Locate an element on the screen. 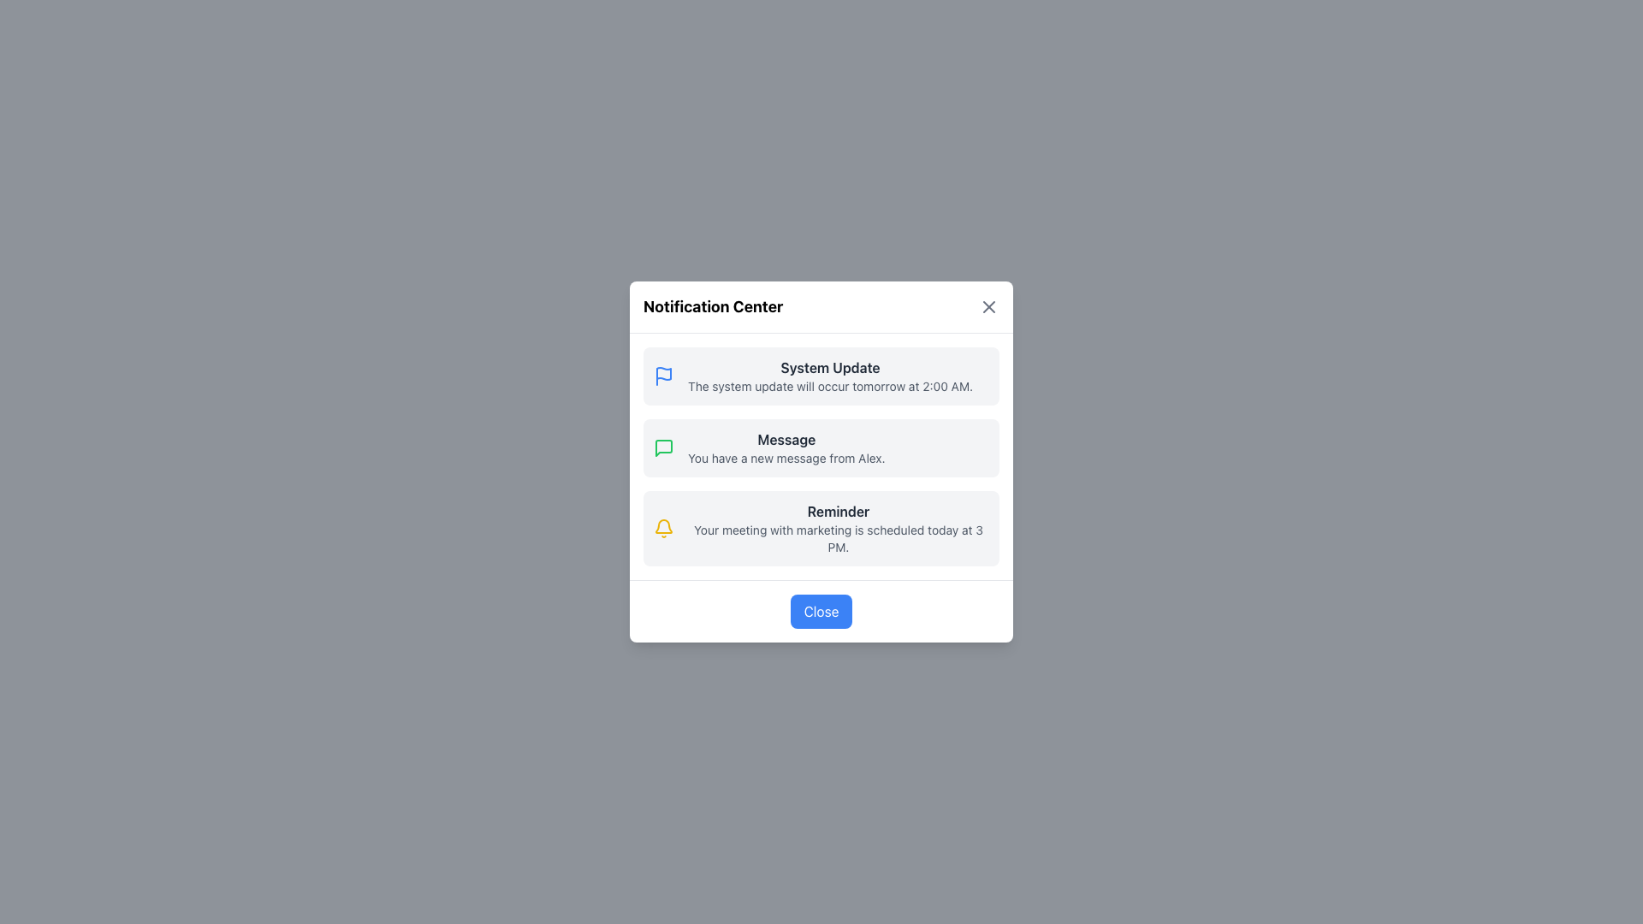  the third Informational Notification Card titled 'Reminder' in the Notification Center is located at coordinates (821, 527).